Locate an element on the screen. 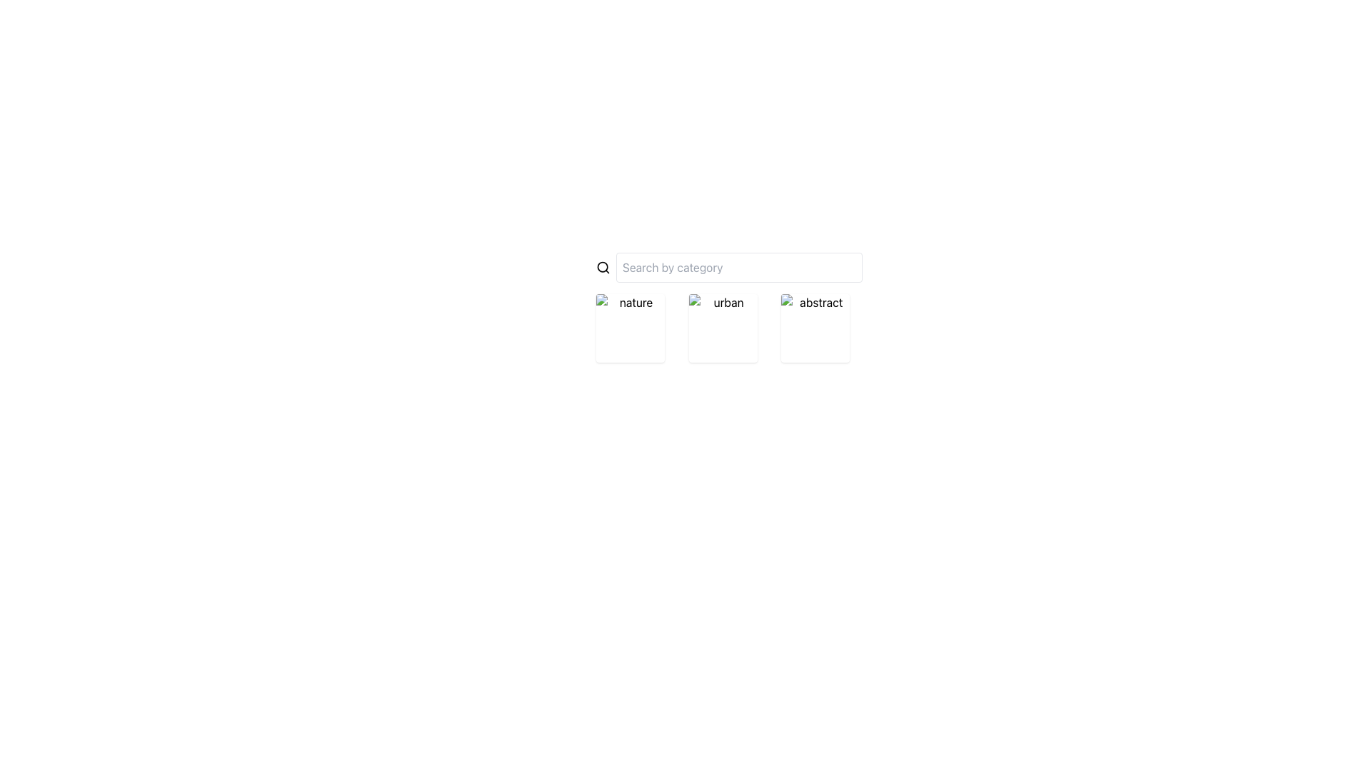 Image resolution: width=1371 pixels, height=771 pixels. the magnifying glass icon representing the search action to trigger a tooltip or highlight effect is located at coordinates (603, 267).